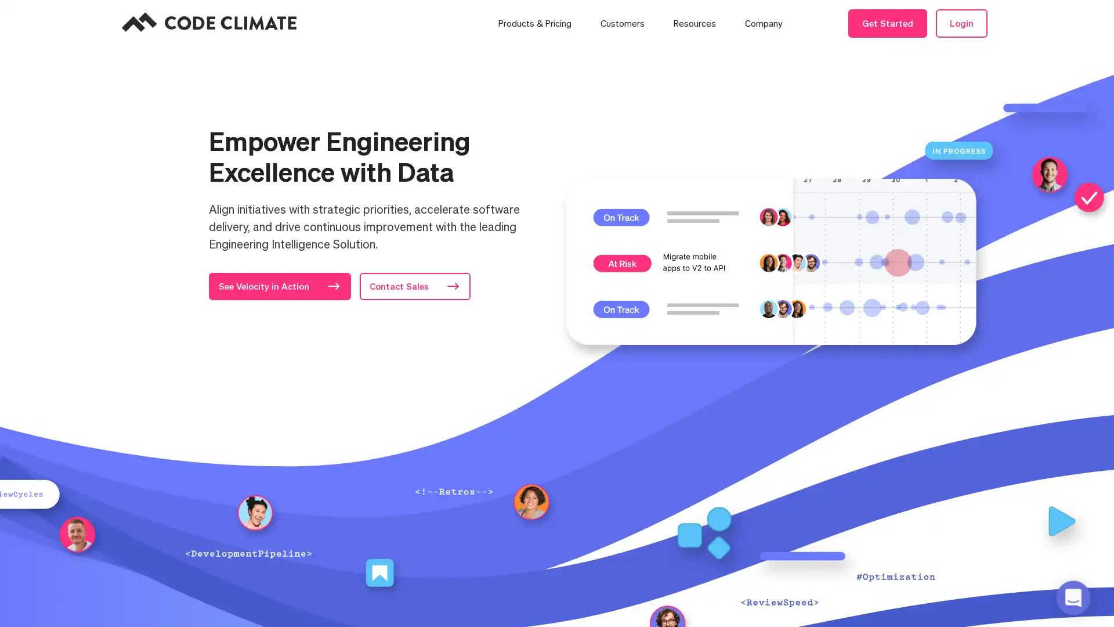  I want to click on Open Intercom Messenger, so click(1072, 597).